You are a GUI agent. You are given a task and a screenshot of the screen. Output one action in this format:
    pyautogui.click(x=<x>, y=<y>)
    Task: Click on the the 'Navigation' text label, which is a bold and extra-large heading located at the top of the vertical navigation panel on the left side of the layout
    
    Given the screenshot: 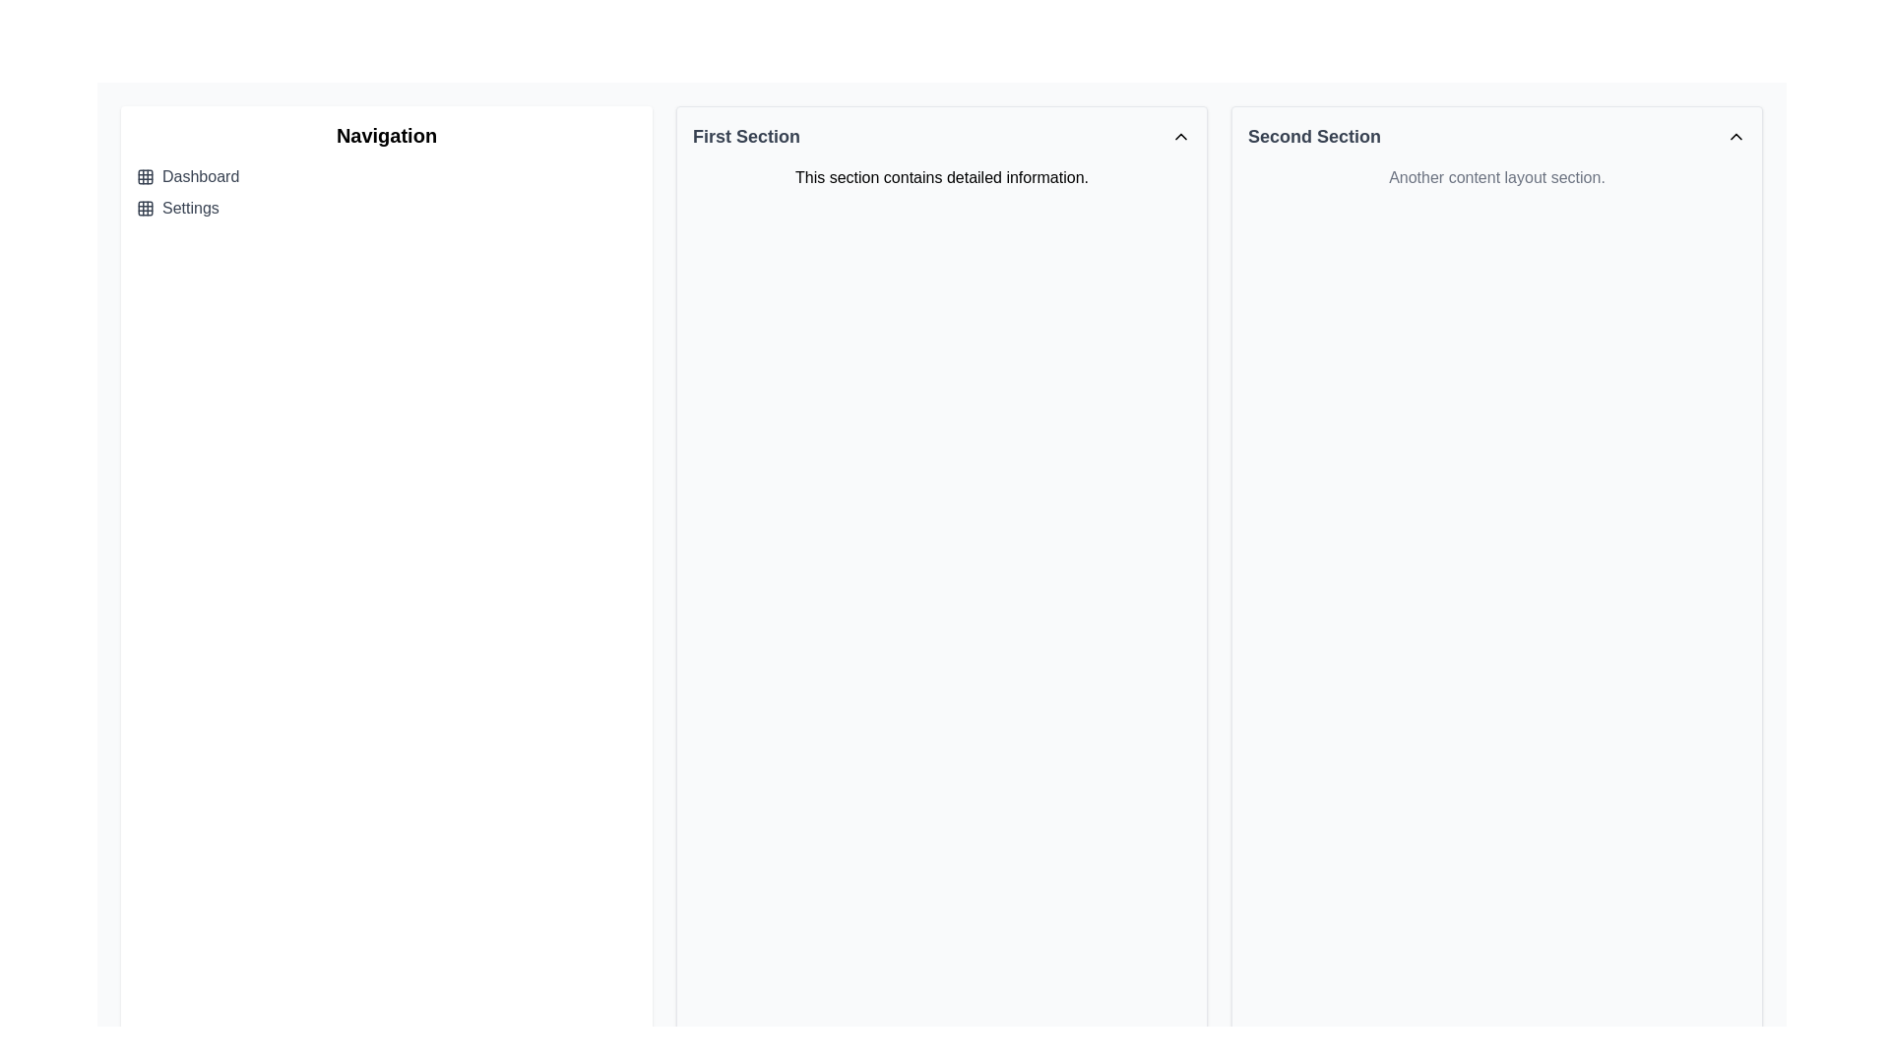 What is the action you would take?
    pyautogui.click(x=387, y=135)
    